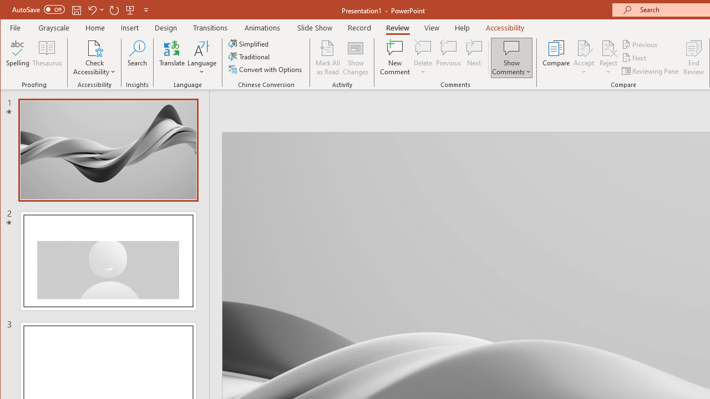  Describe the element at coordinates (250, 57) in the screenshot. I see `'Traditional'` at that location.